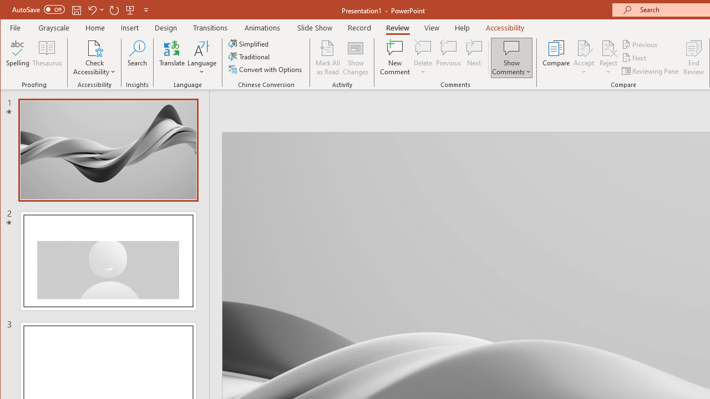  Describe the element at coordinates (250, 57) in the screenshot. I see `'Traditional'` at that location.